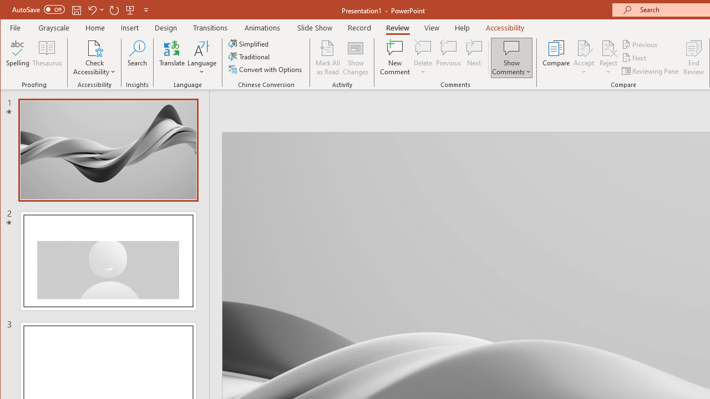  Describe the element at coordinates (250, 57) in the screenshot. I see `'Traditional'` at that location.